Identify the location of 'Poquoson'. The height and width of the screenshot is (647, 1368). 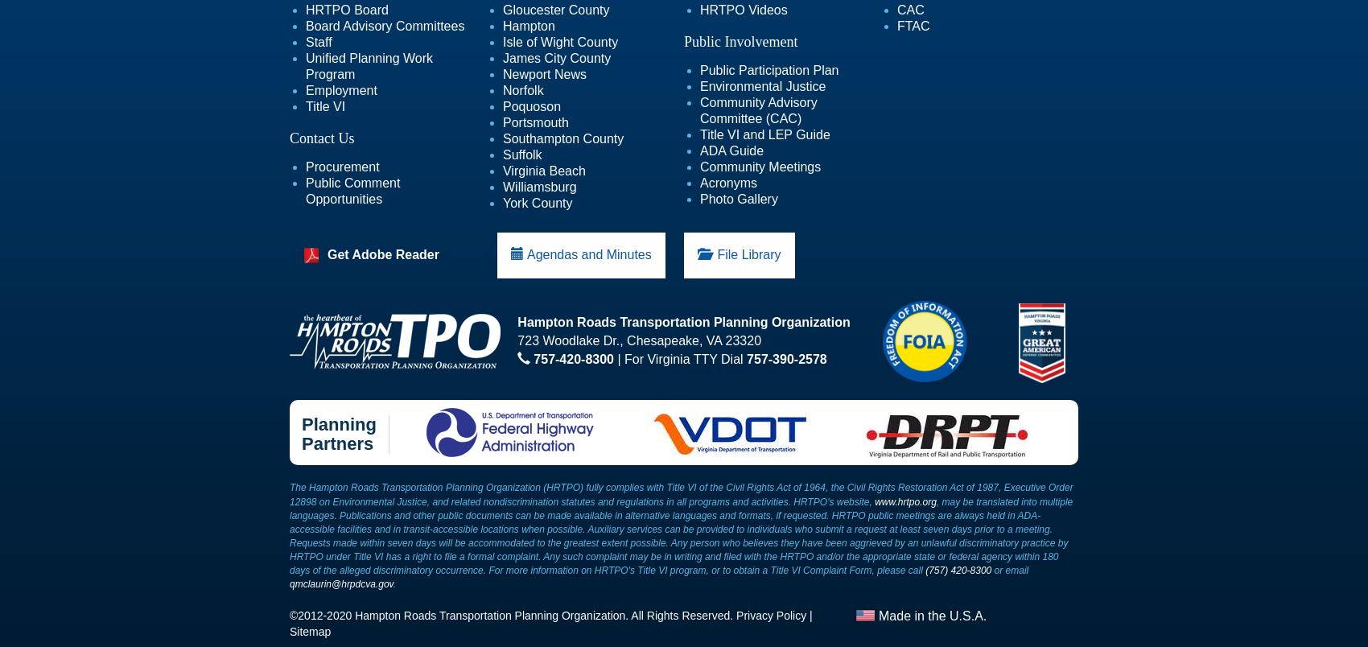
(531, 106).